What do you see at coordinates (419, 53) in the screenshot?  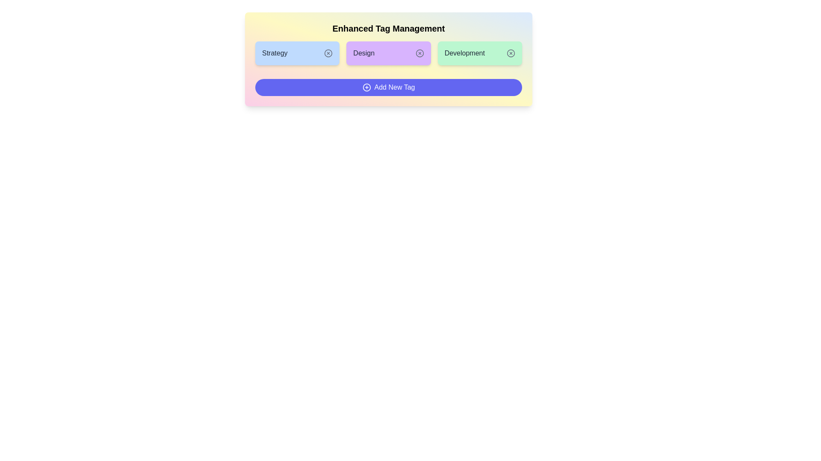 I see `the 'X' button of the tag labeled 'Design' to remove it` at bounding box center [419, 53].